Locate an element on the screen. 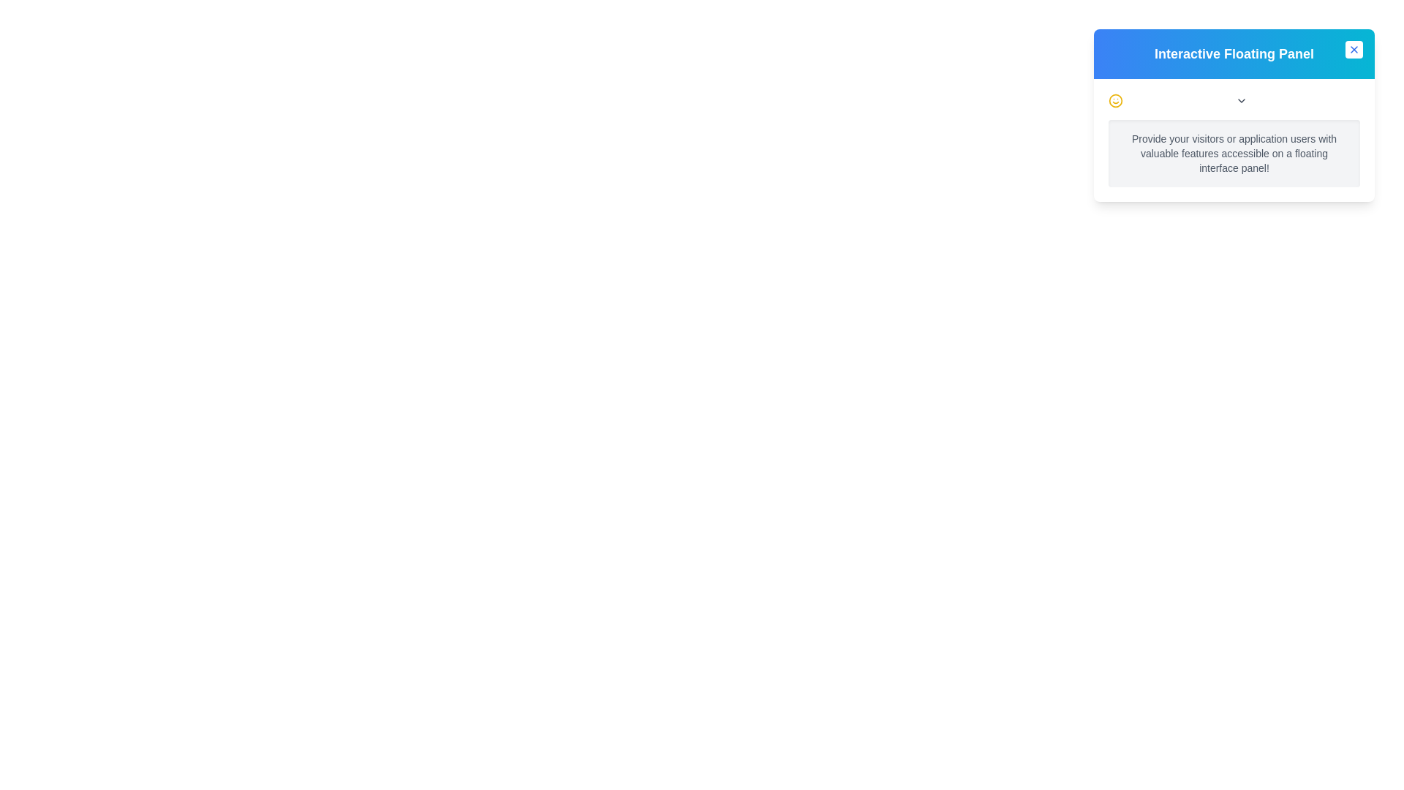  the 'X' icon styled as a close button located in the top-right corner of the floating interactive panel is located at coordinates (1354, 49).